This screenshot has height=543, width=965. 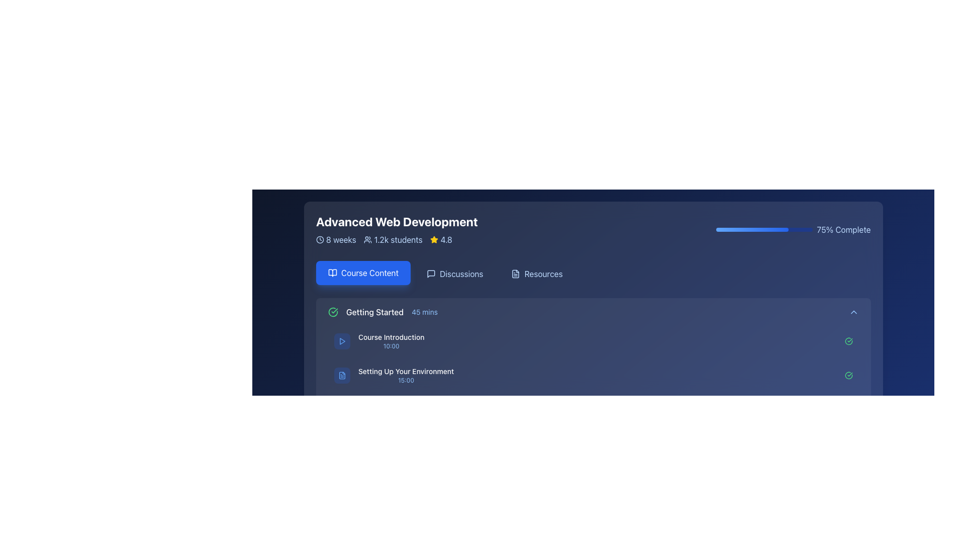 What do you see at coordinates (848, 340) in the screenshot?
I see `the circular green icon with a checkmark design, located at the far right of the 'Course Introduction 10:00' row` at bounding box center [848, 340].